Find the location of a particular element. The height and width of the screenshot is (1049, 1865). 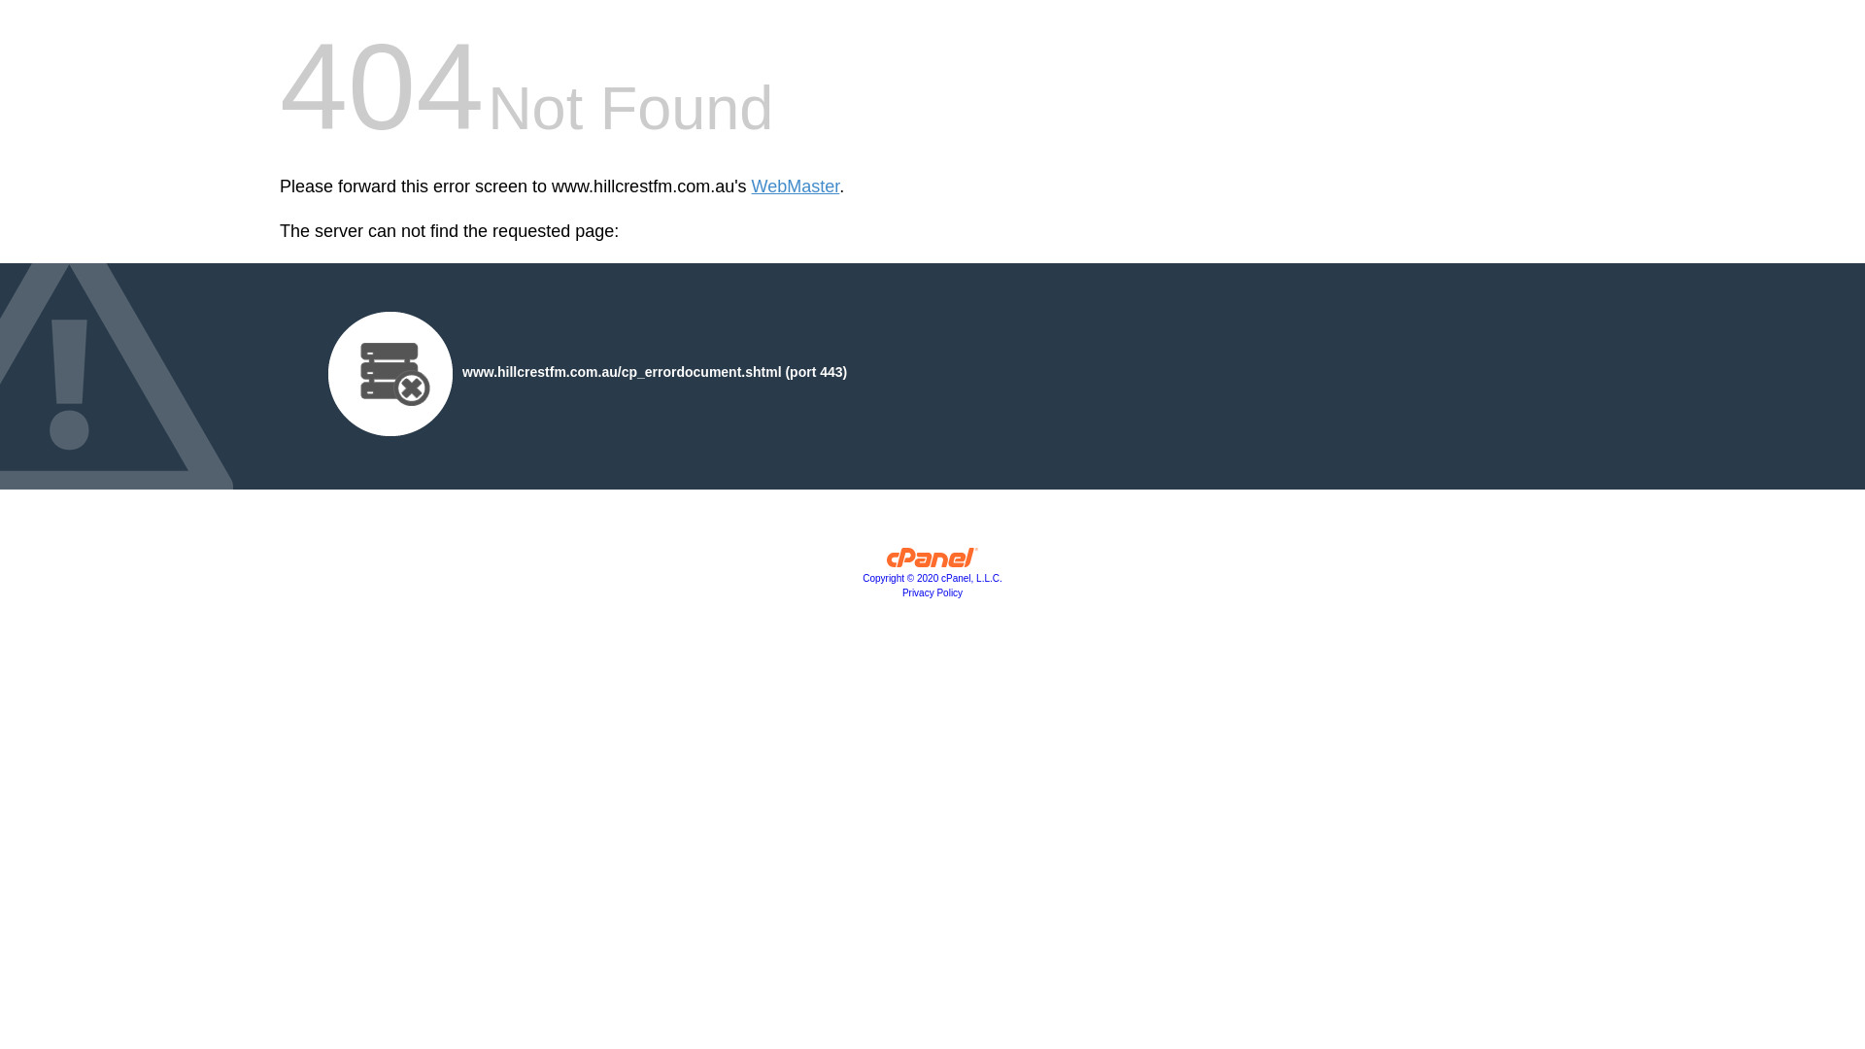

'Privacy Policy' is located at coordinates (932, 592).